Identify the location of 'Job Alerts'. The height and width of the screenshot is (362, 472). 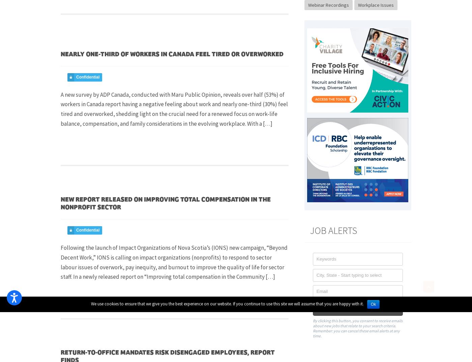
(333, 230).